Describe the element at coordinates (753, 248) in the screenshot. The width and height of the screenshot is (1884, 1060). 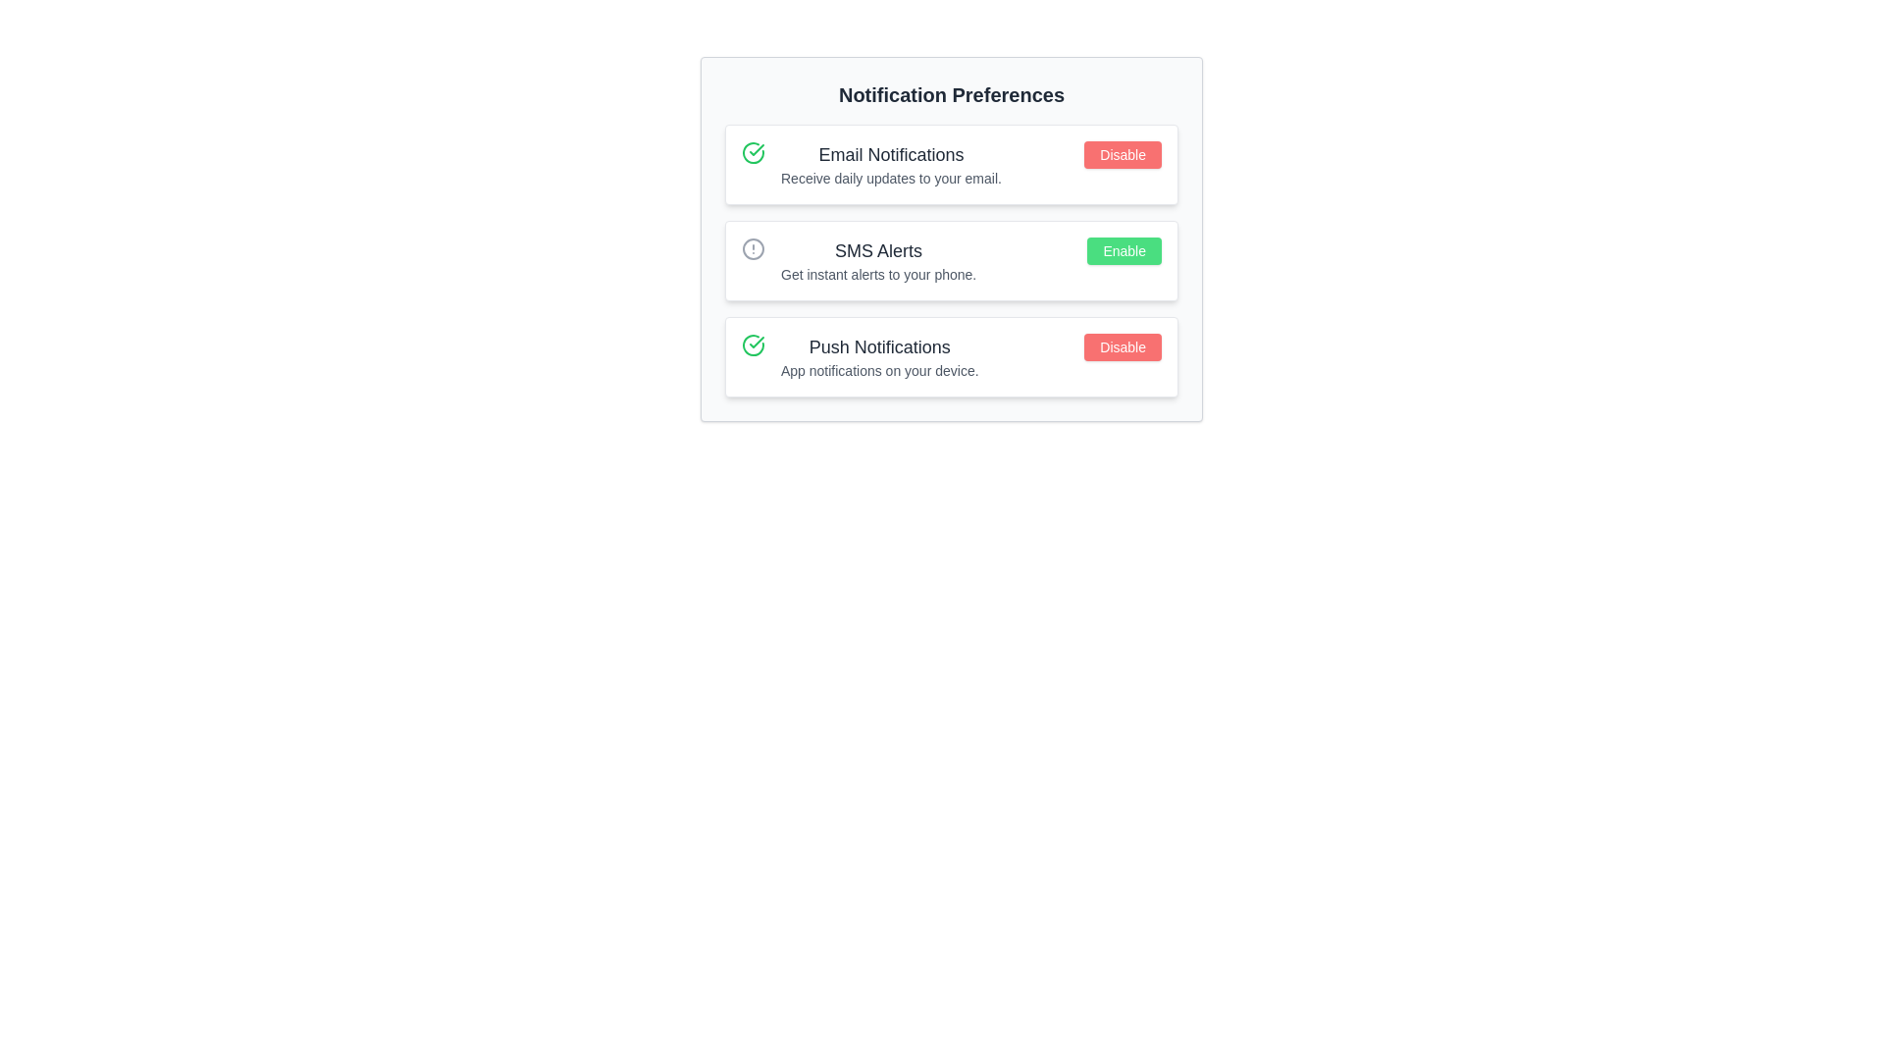
I see `the gray stroke circle in the SMS Alerts section of the notification panel, located to the left of the 'SMS Alerts' text` at that location.